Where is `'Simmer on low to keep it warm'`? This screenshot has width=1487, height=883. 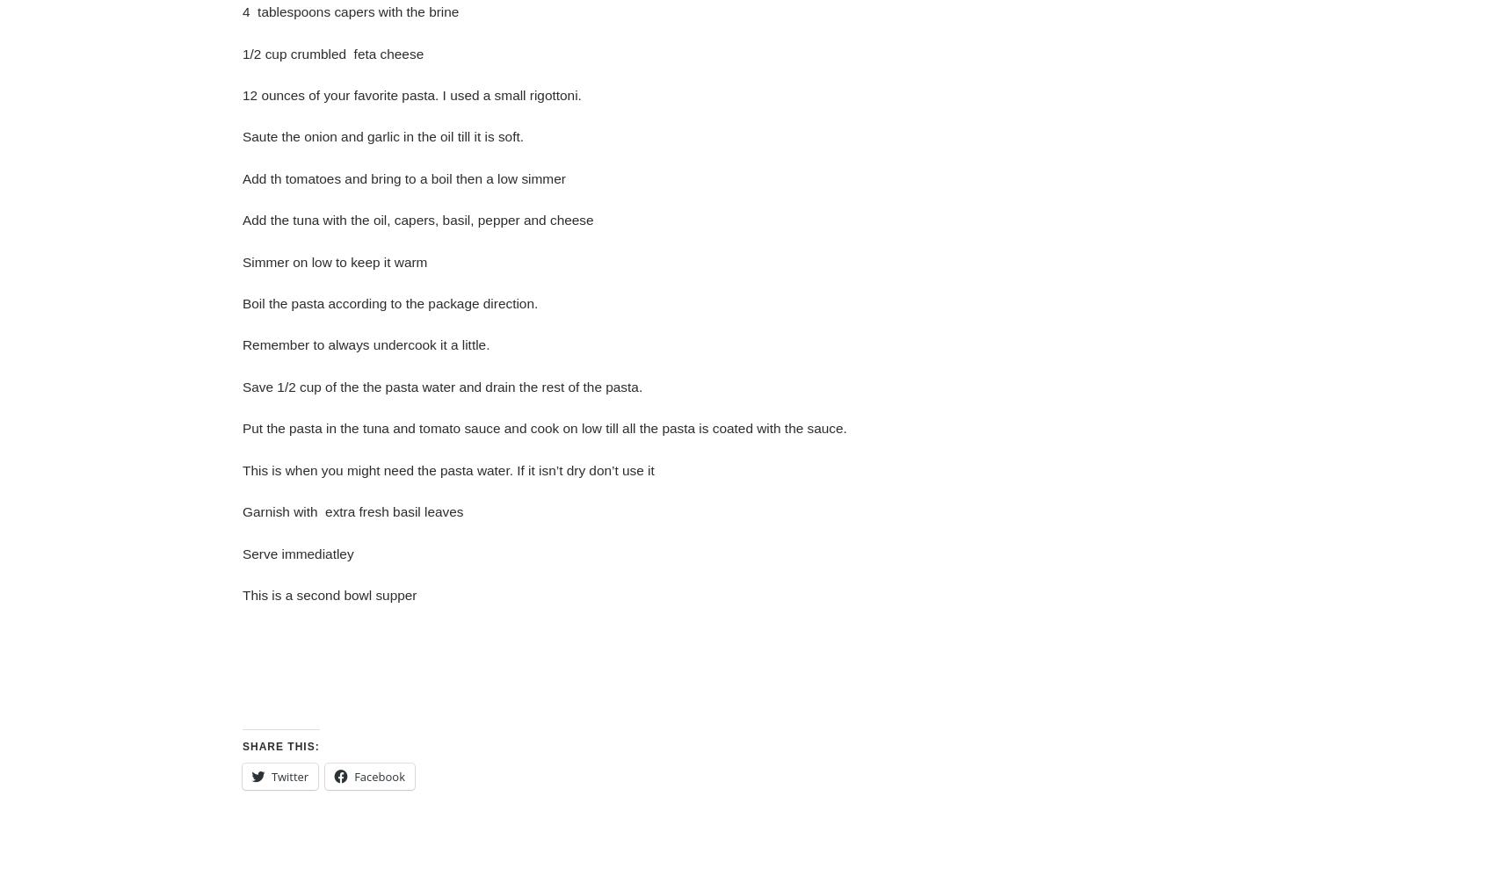 'Simmer on low to keep it warm' is located at coordinates (335, 260).